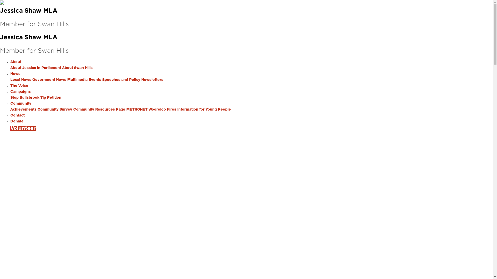 The width and height of the screenshot is (497, 279). I want to click on 'Information for Young People', so click(204, 109).